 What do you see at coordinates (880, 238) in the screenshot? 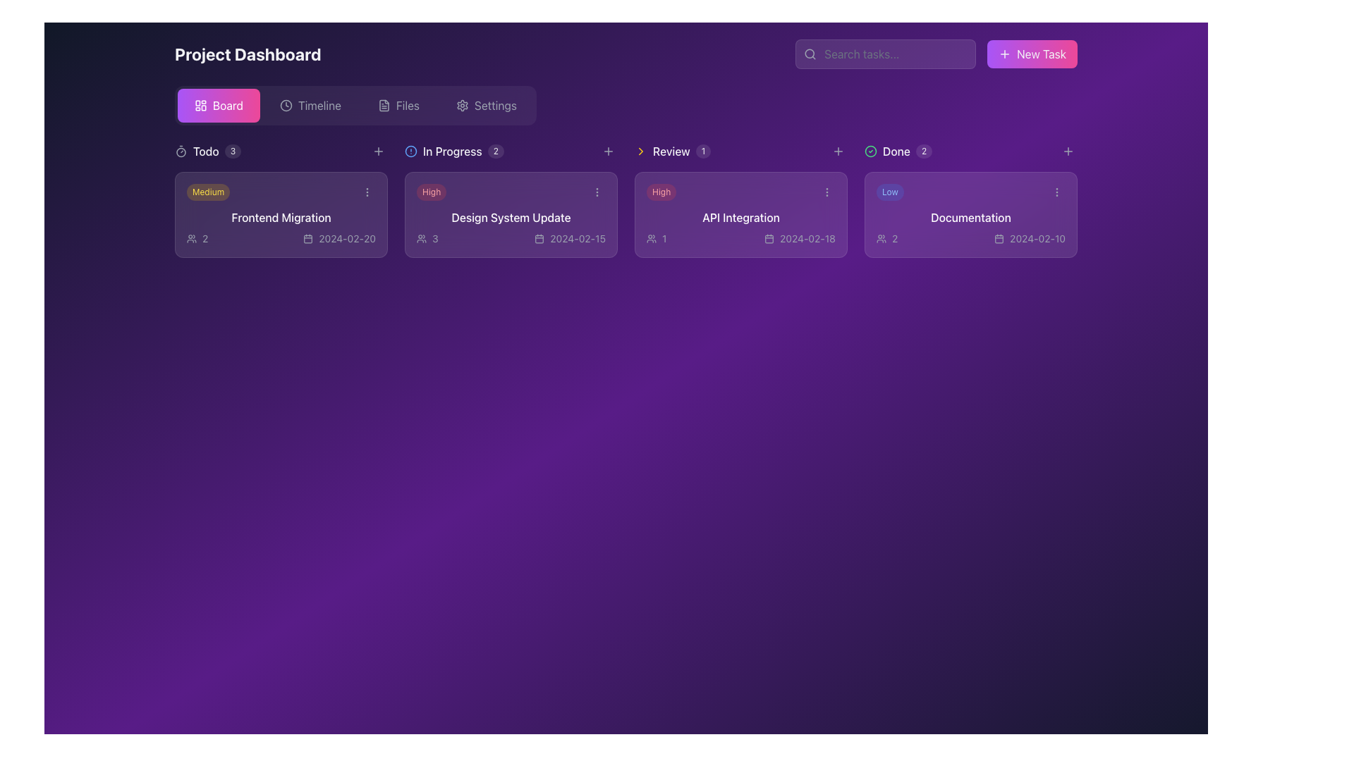
I see `the icon representing multiple users, styled in an outline design, located in the 'Done' section of the 'Documentation' card, next to the text '2'` at bounding box center [880, 238].